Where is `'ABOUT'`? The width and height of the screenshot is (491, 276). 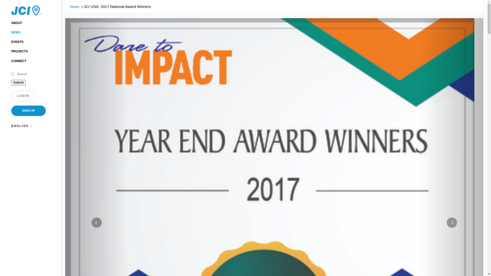 'ABOUT' is located at coordinates (17, 22).